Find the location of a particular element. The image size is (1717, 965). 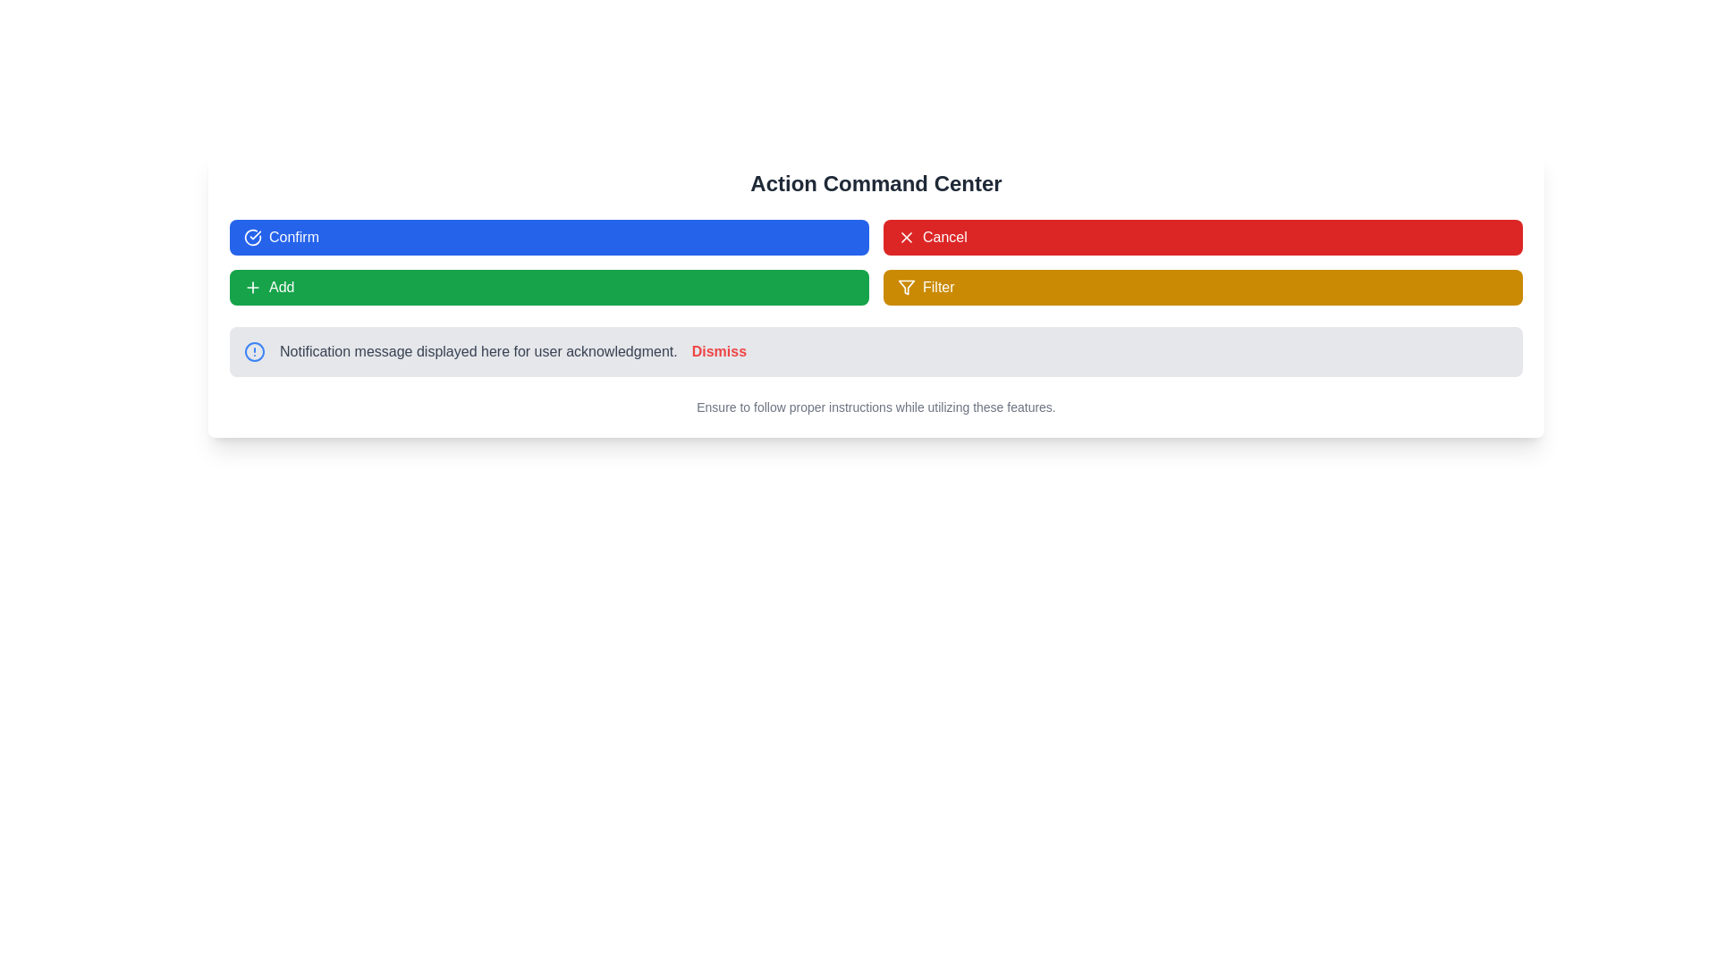

the cancelation icon located in the upper right corner of the interface, aligned to the left side of the 'Cancel' button's text is located at coordinates (906, 237).